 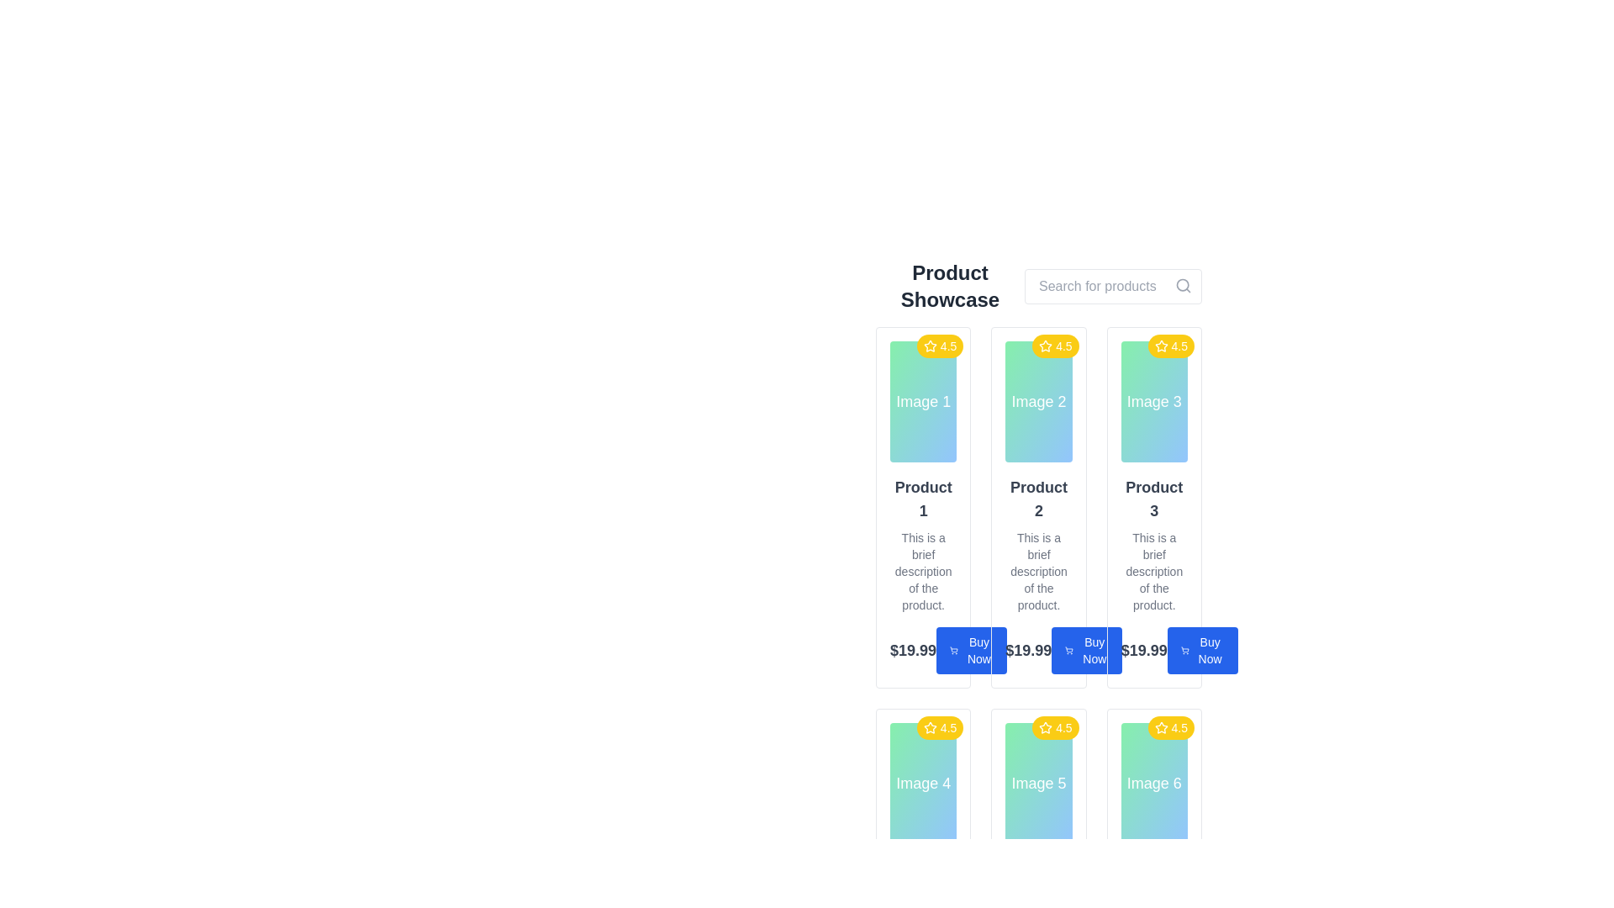 What do you see at coordinates (939, 346) in the screenshot?
I see `the rating indicator displaying '4.5' on a yellow background with a star icon, located at the top-right corner of the card for 'Product 1'` at bounding box center [939, 346].